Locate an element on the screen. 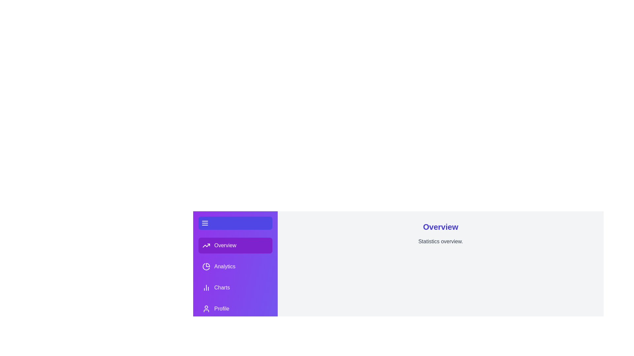 This screenshot has width=634, height=356. the Analytics section from the navigation menu is located at coordinates (235, 266).